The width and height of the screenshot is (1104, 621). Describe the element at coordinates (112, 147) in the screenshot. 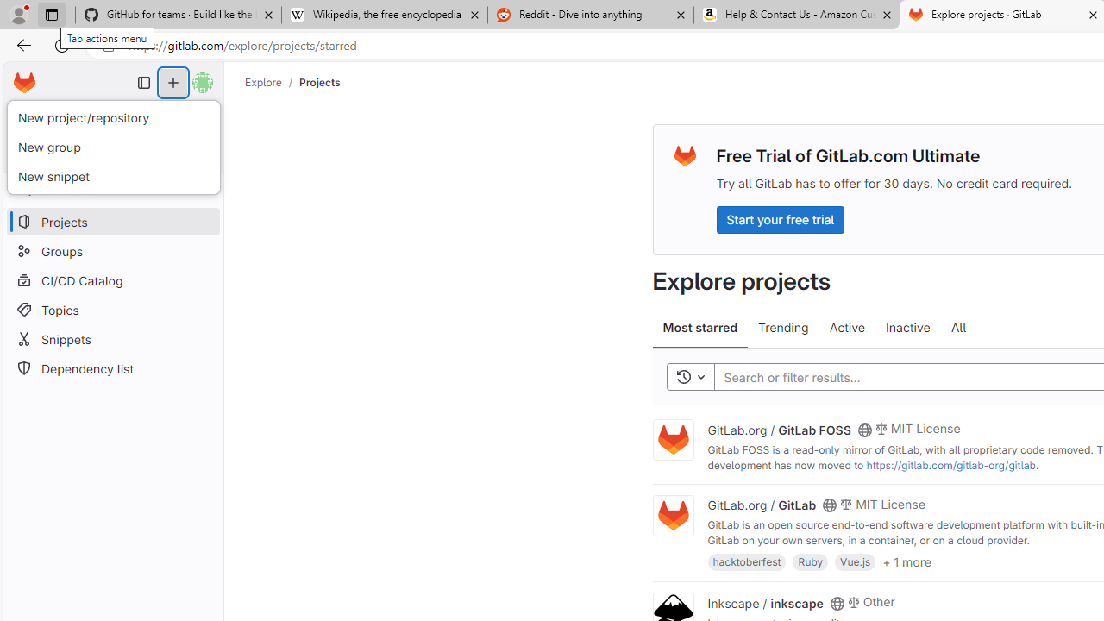

I see `'New project/repositoryNew groupNew snippet'` at that location.